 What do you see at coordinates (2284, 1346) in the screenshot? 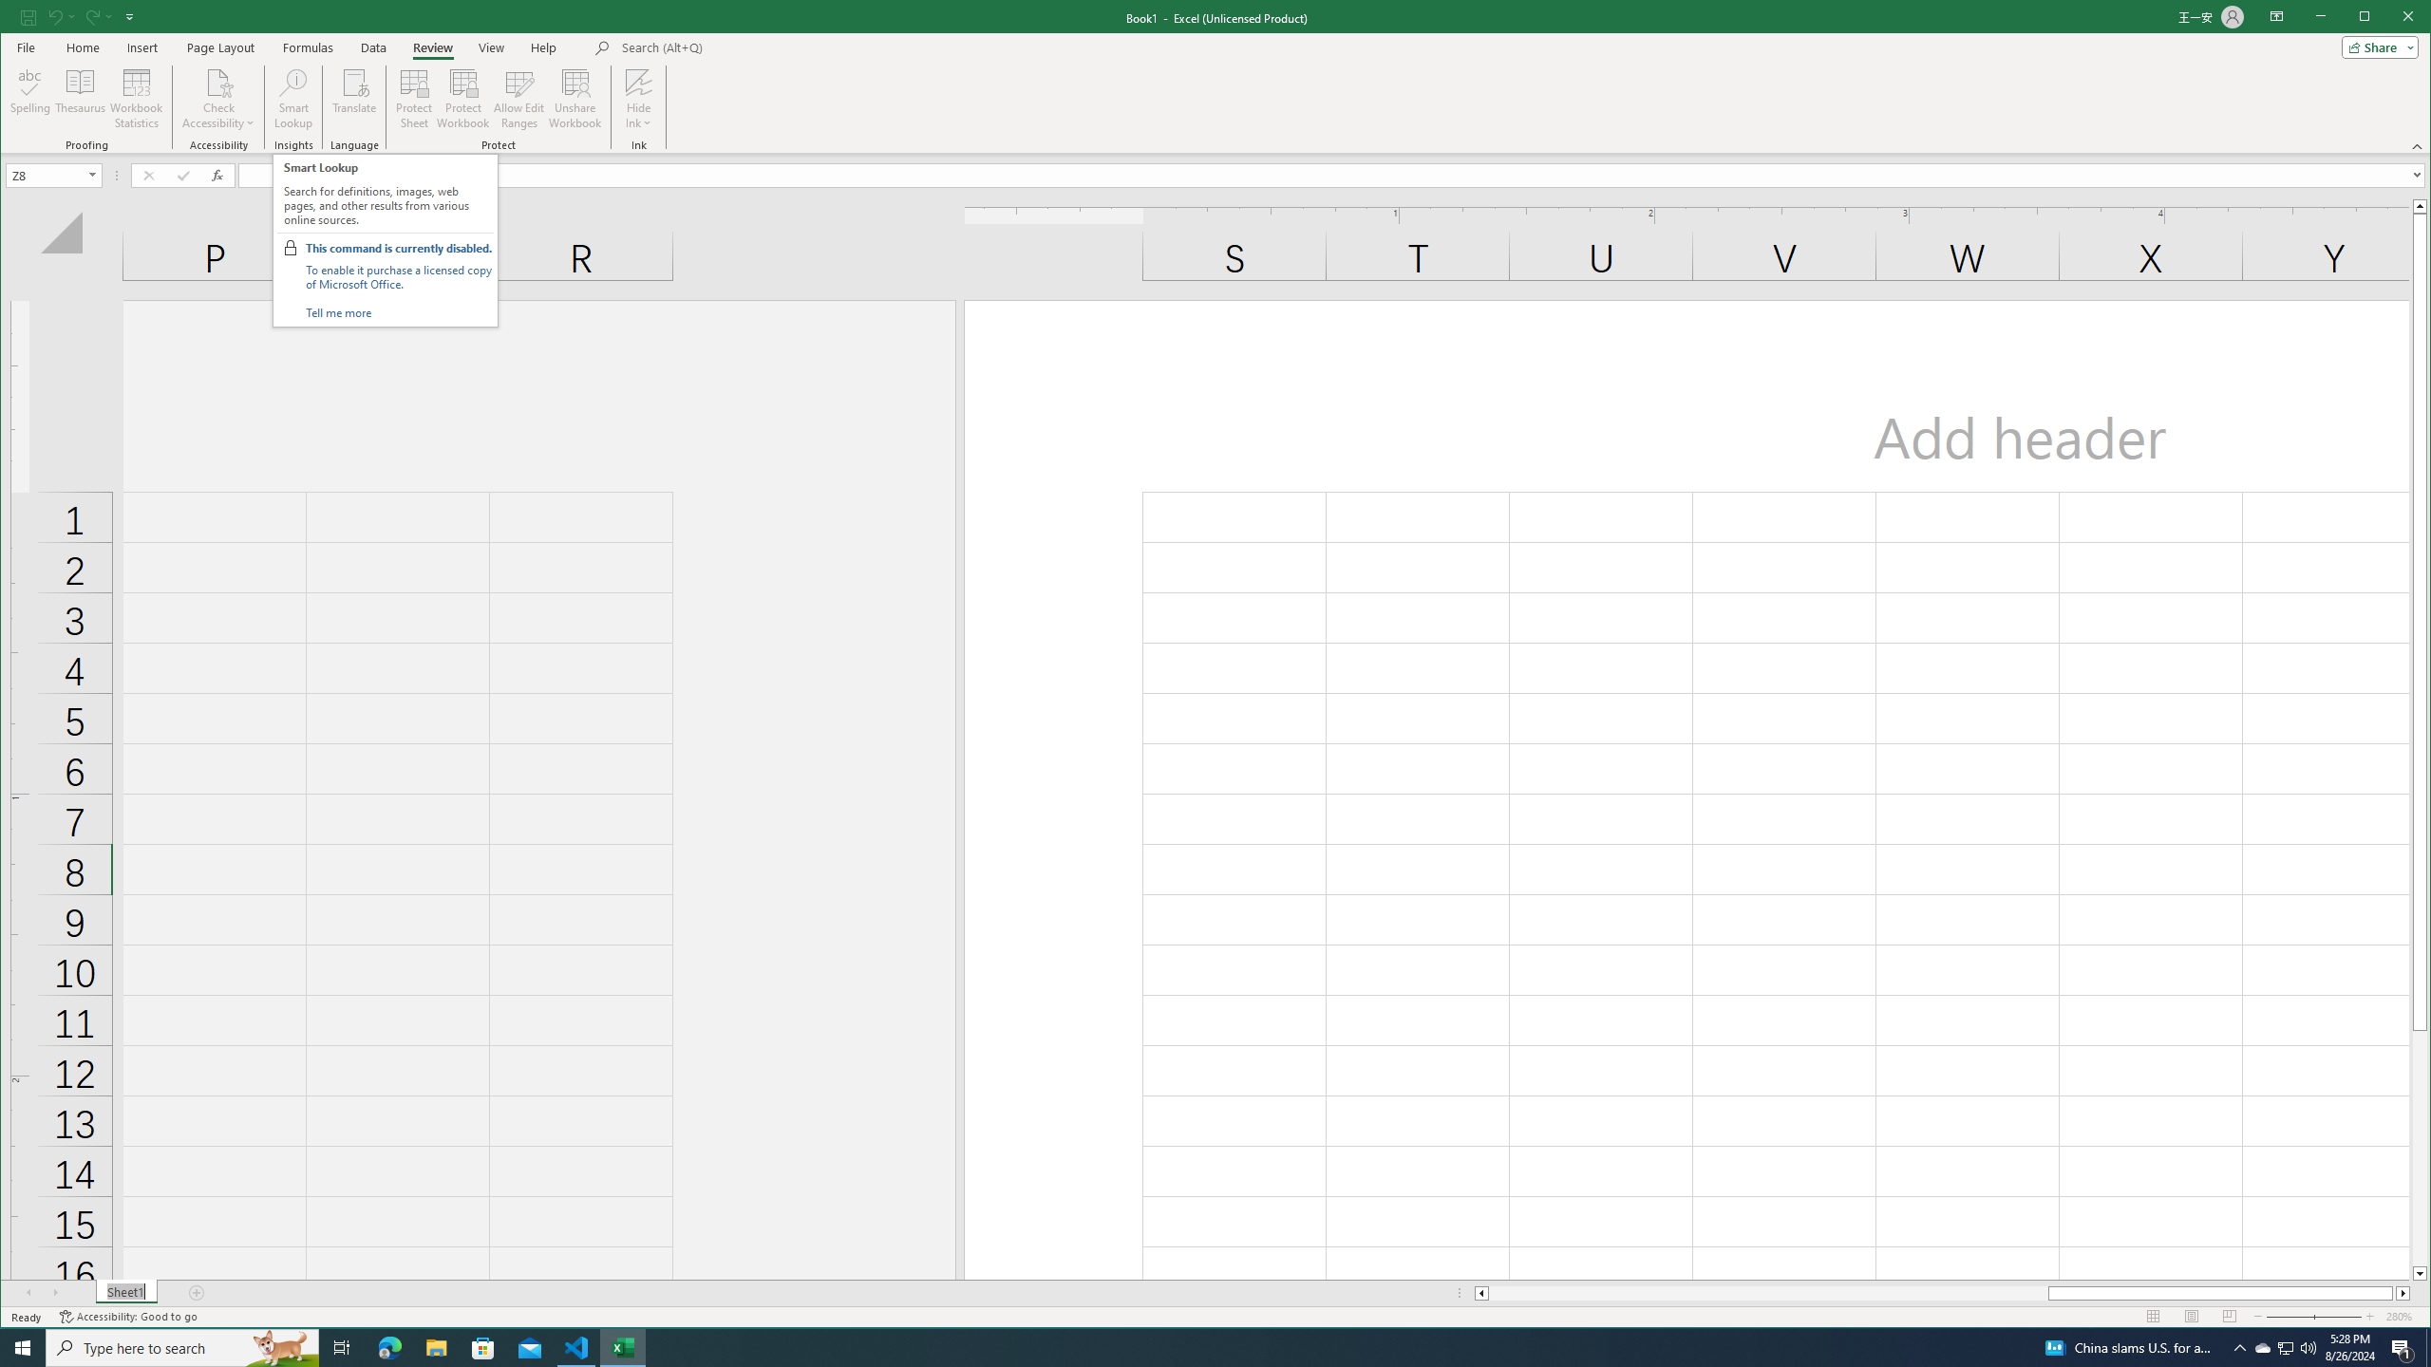
I see `'User Promoted Notification Area'` at bounding box center [2284, 1346].